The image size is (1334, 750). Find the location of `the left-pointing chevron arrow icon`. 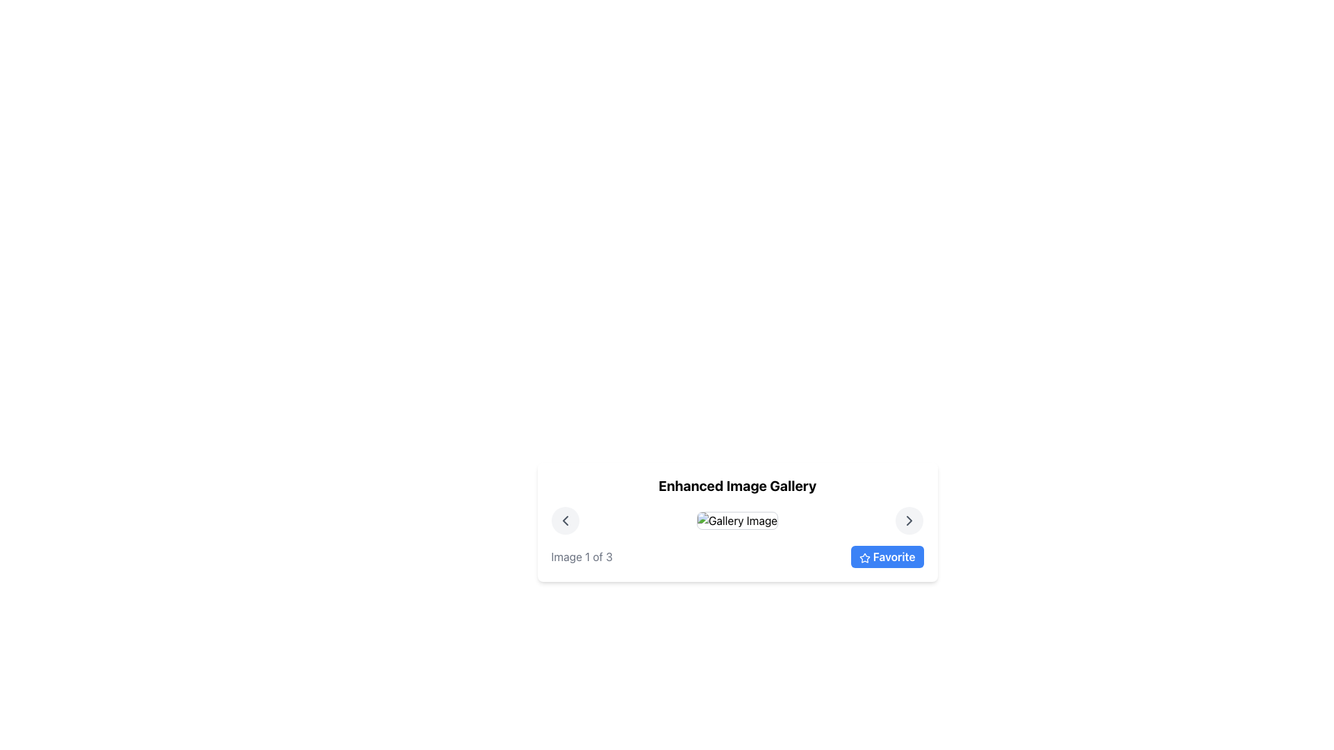

the left-pointing chevron arrow icon is located at coordinates (565, 520).